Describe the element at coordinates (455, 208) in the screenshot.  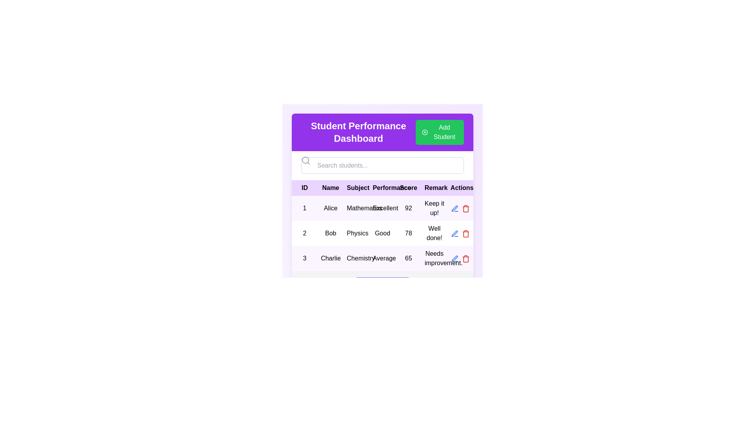
I see `the SVG icon in the 'Actions' column of the table row for 'Bob' to initiate editing` at that location.